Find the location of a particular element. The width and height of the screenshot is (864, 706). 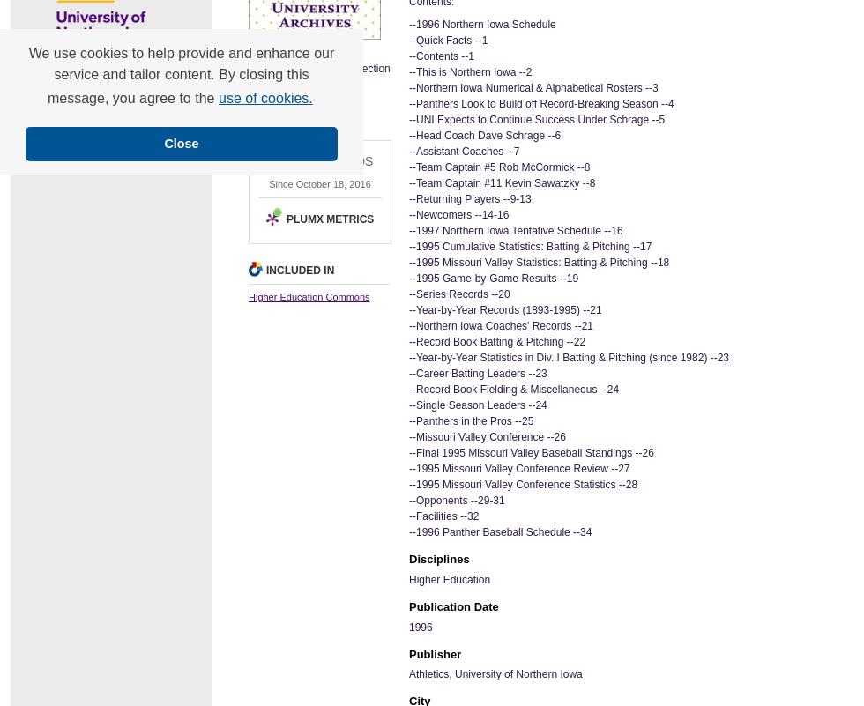

'UNI University Archives' is located at coordinates (302, 96).